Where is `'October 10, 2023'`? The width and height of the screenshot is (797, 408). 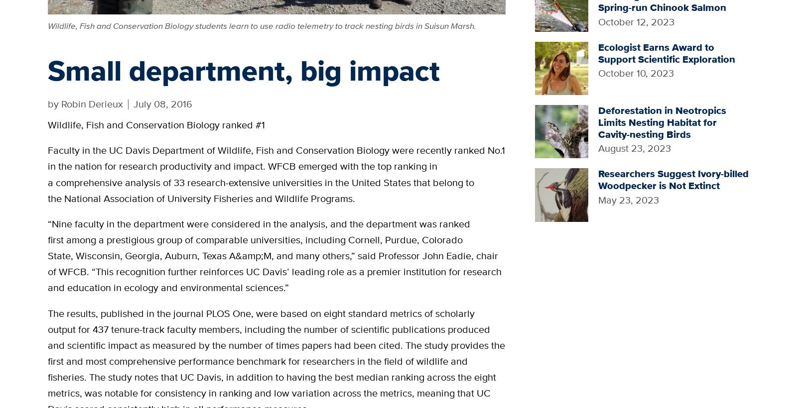
'October 10, 2023' is located at coordinates (598, 73).